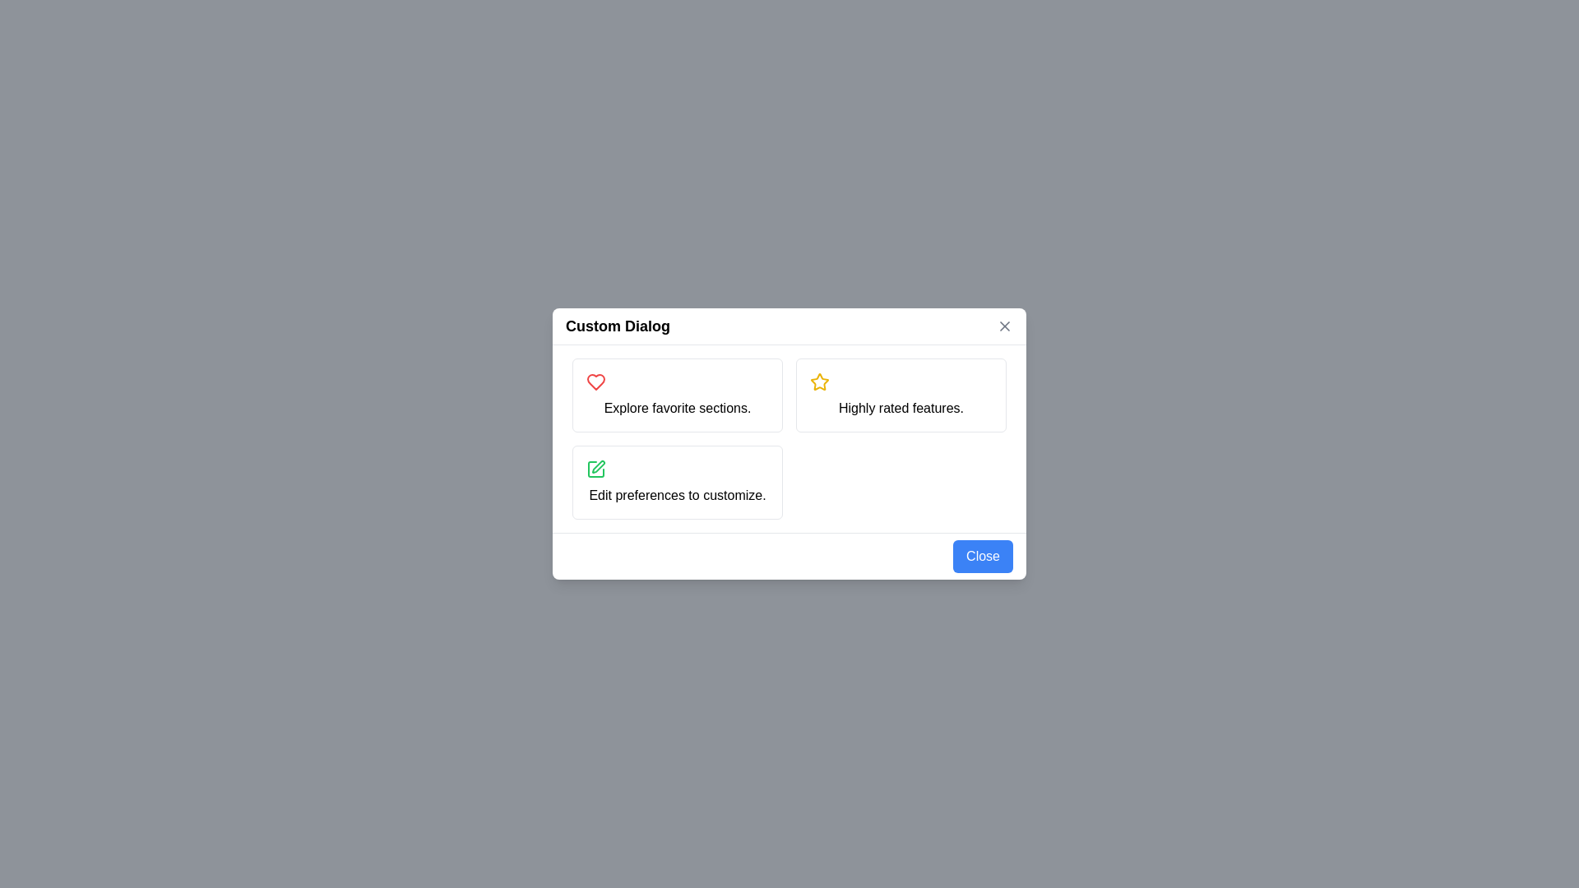 The width and height of the screenshot is (1579, 888). Describe the element at coordinates (595, 382) in the screenshot. I see `the heart icon representing the 'Explore favorite sections' feature in the top-left card of the dialog` at that location.